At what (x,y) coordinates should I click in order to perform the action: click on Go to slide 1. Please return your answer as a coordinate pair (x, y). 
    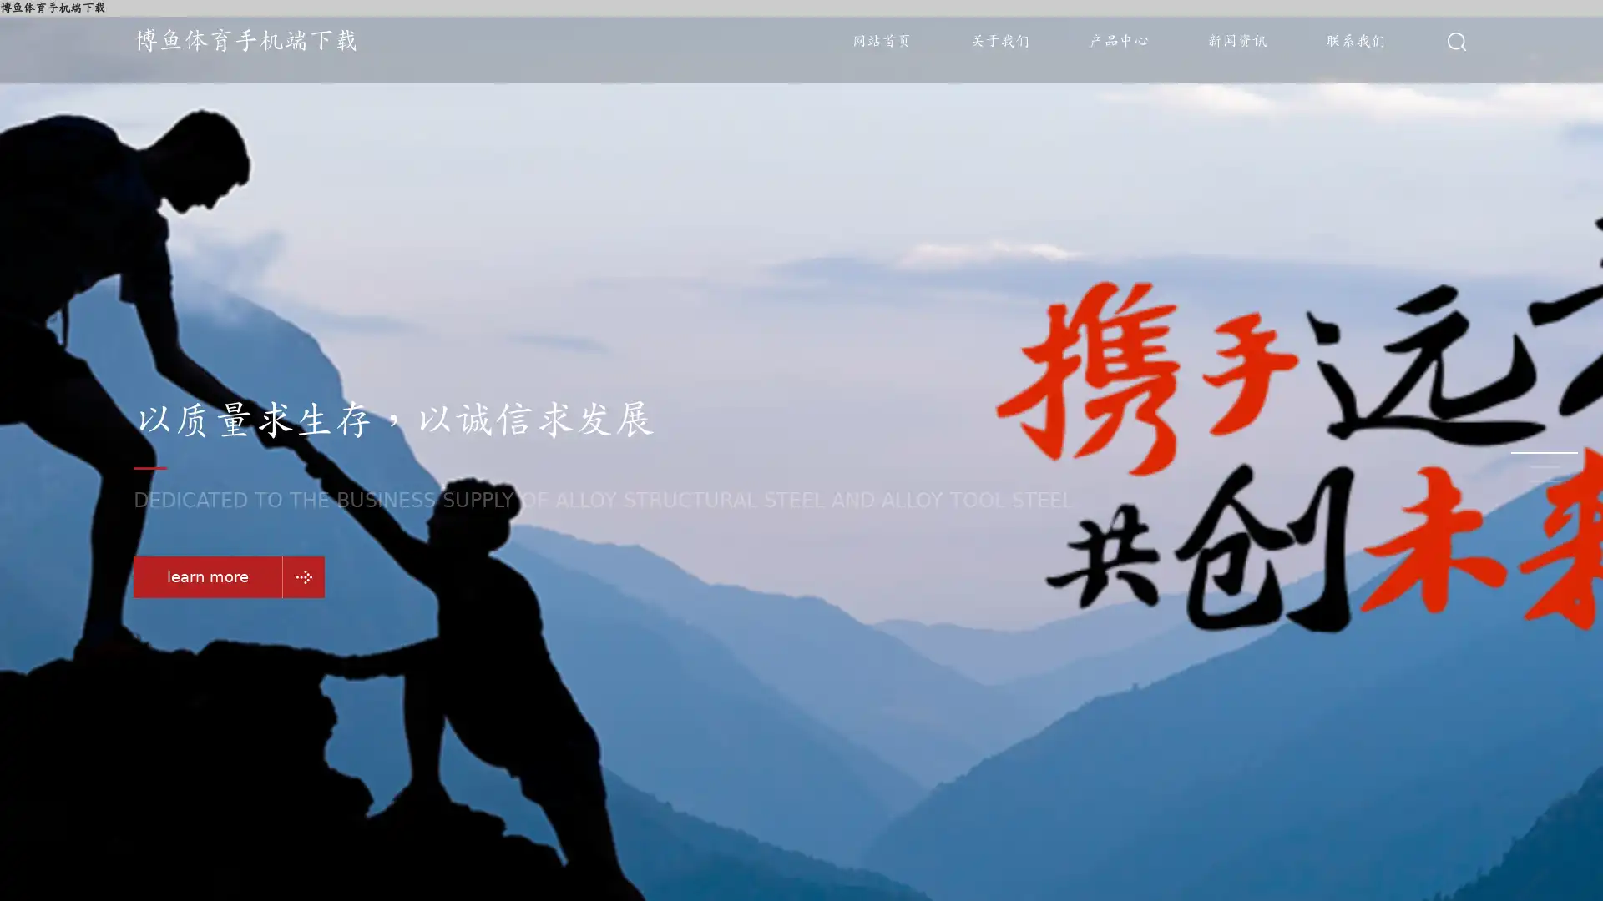
    Looking at the image, I should click on (1543, 453).